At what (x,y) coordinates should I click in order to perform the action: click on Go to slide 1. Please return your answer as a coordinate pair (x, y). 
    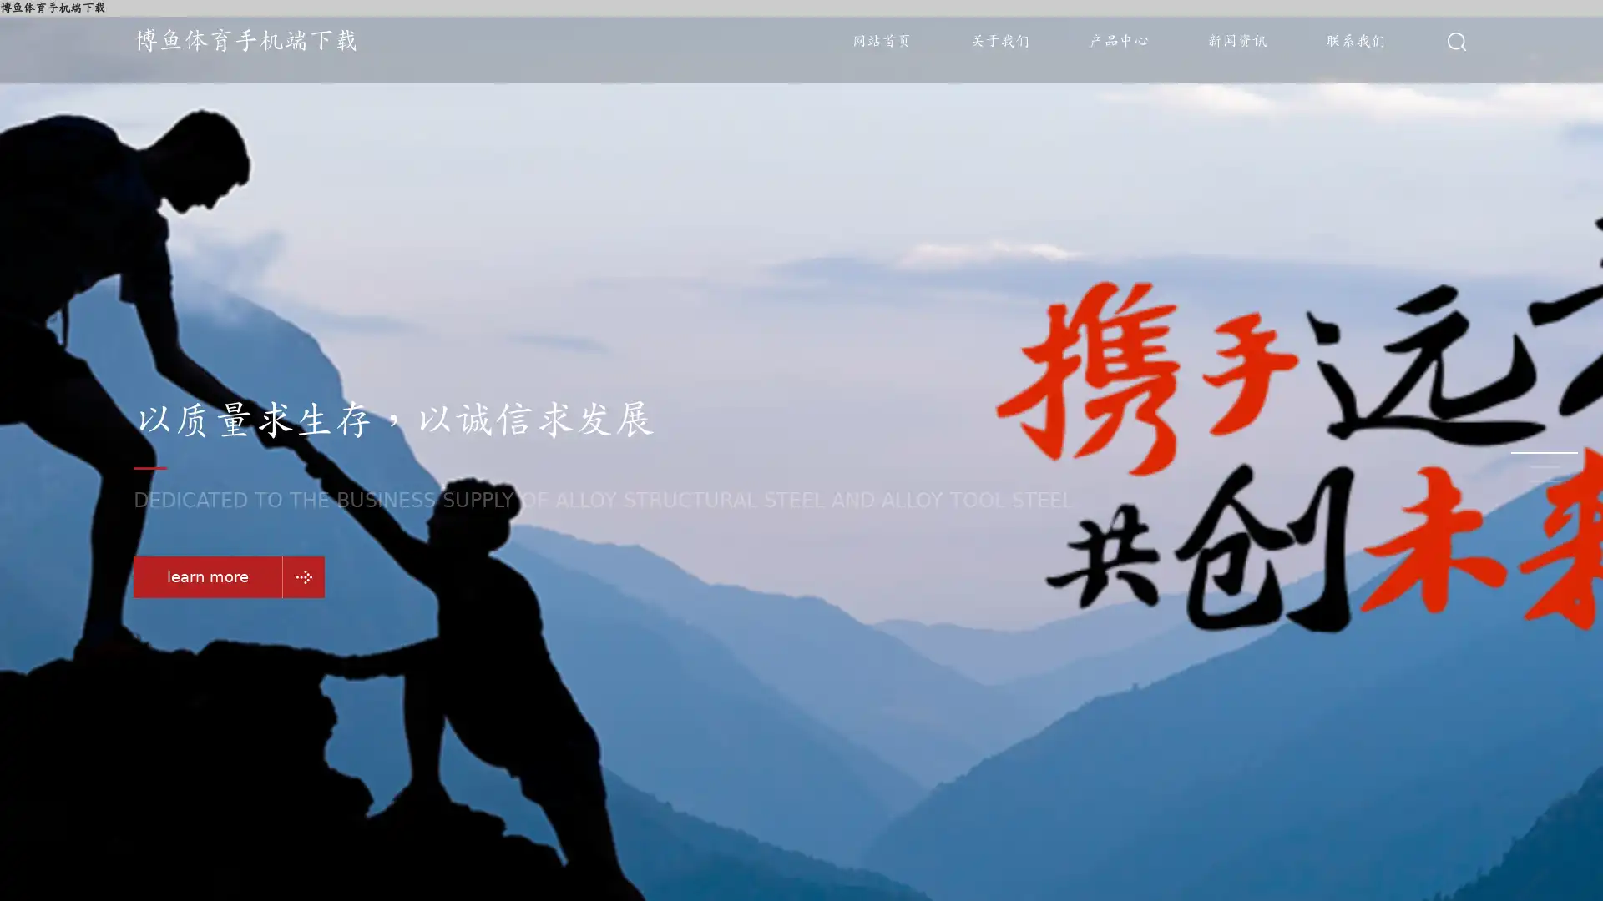
    Looking at the image, I should click on (1543, 453).